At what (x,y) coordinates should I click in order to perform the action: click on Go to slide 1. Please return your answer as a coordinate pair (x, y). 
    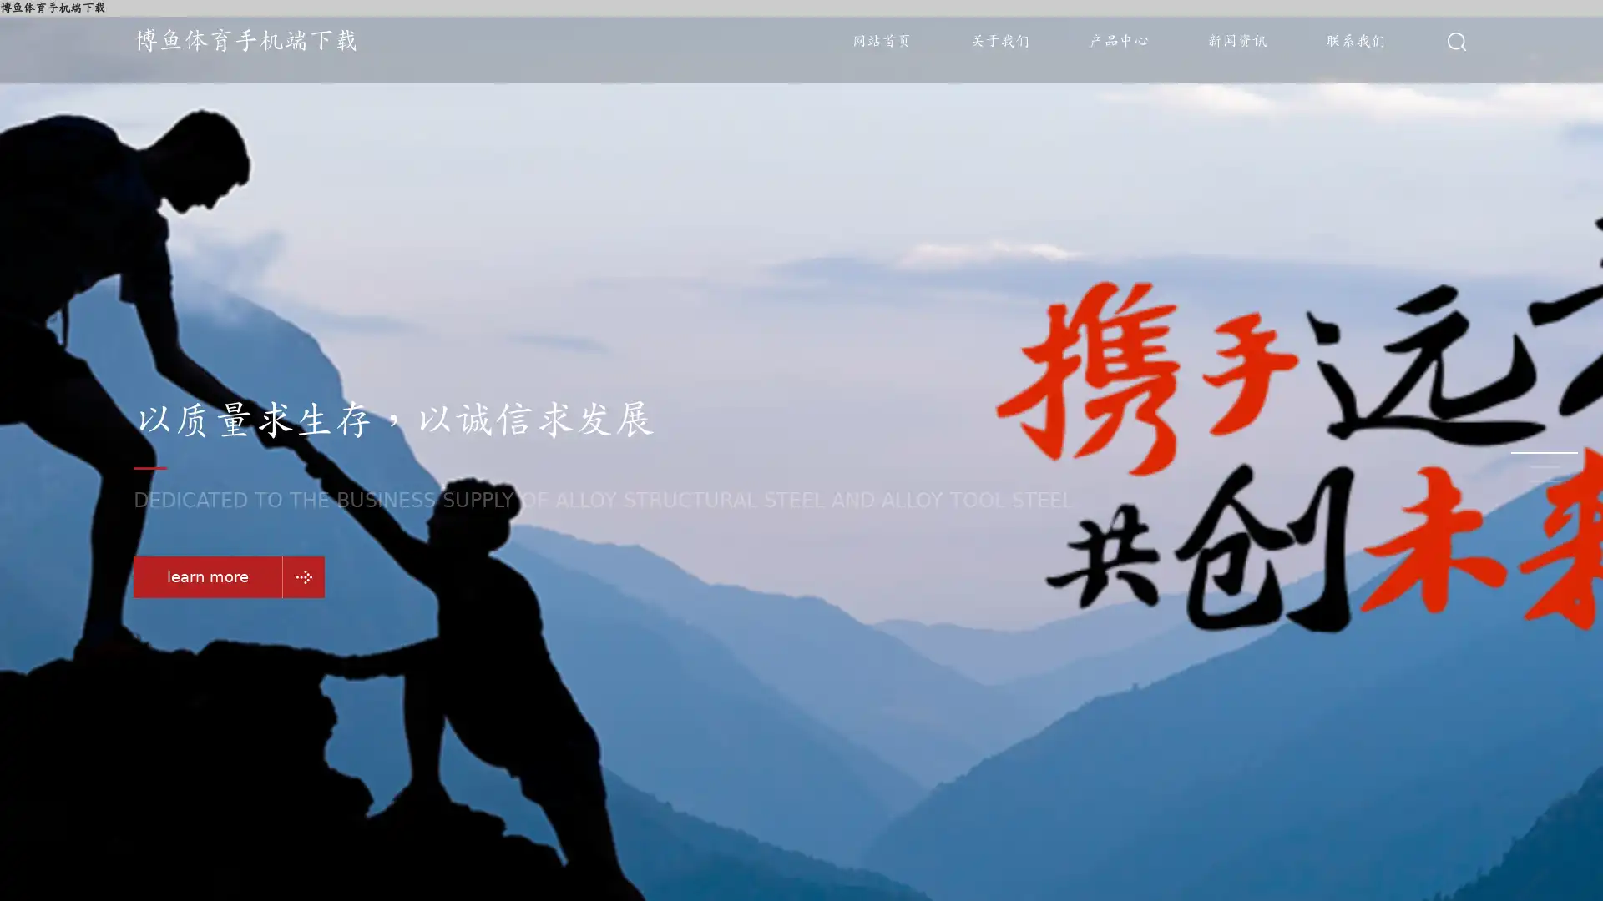
    Looking at the image, I should click on (1543, 453).